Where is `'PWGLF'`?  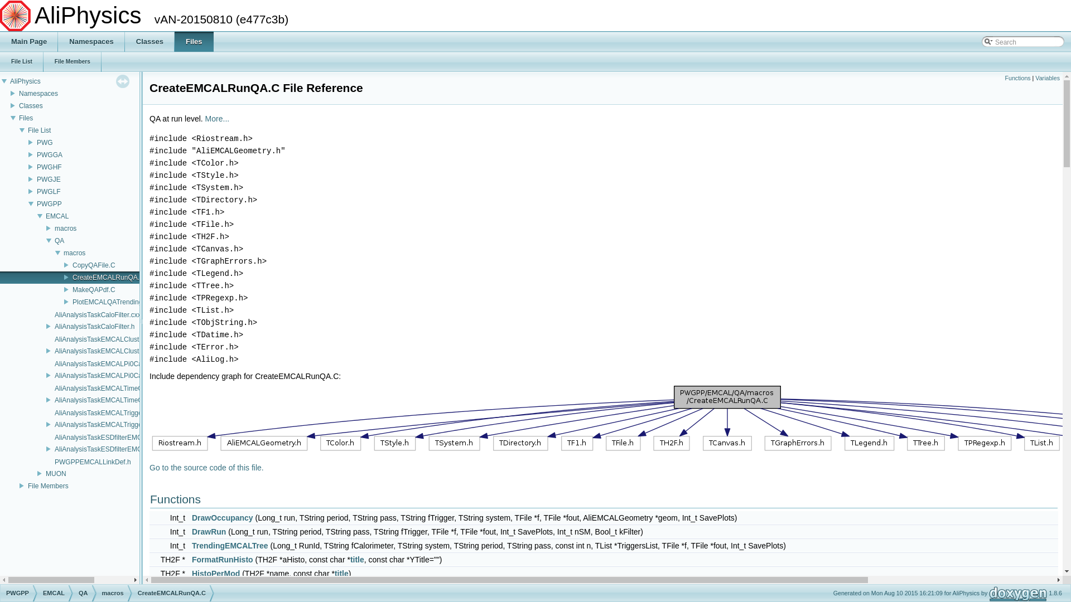 'PWGLF' is located at coordinates (48, 191).